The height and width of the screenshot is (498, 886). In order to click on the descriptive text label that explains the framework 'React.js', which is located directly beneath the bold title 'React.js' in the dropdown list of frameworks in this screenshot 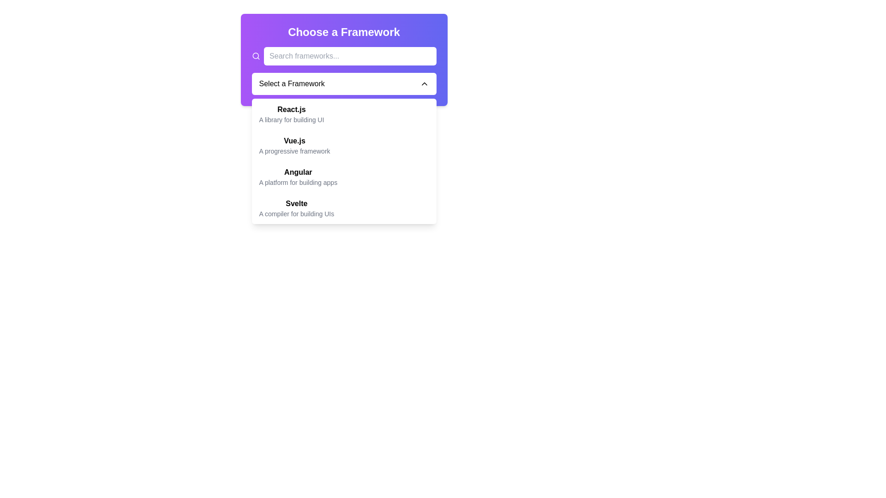, I will do `click(291, 119)`.